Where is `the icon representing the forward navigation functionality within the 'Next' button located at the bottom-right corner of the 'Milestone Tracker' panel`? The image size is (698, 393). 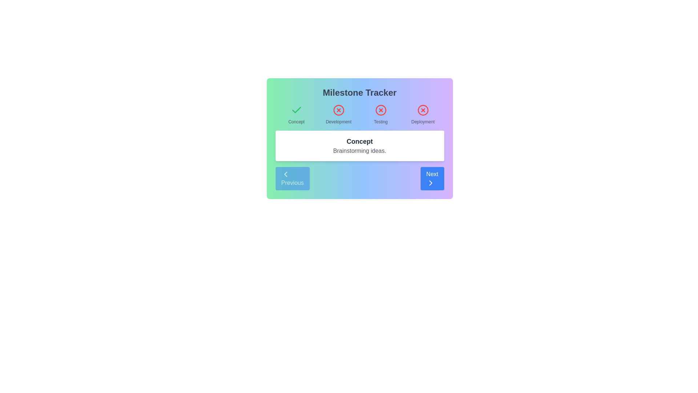 the icon representing the forward navigation functionality within the 'Next' button located at the bottom-right corner of the 'Milestone Tracker' panel is located at coordinates (430, 182).